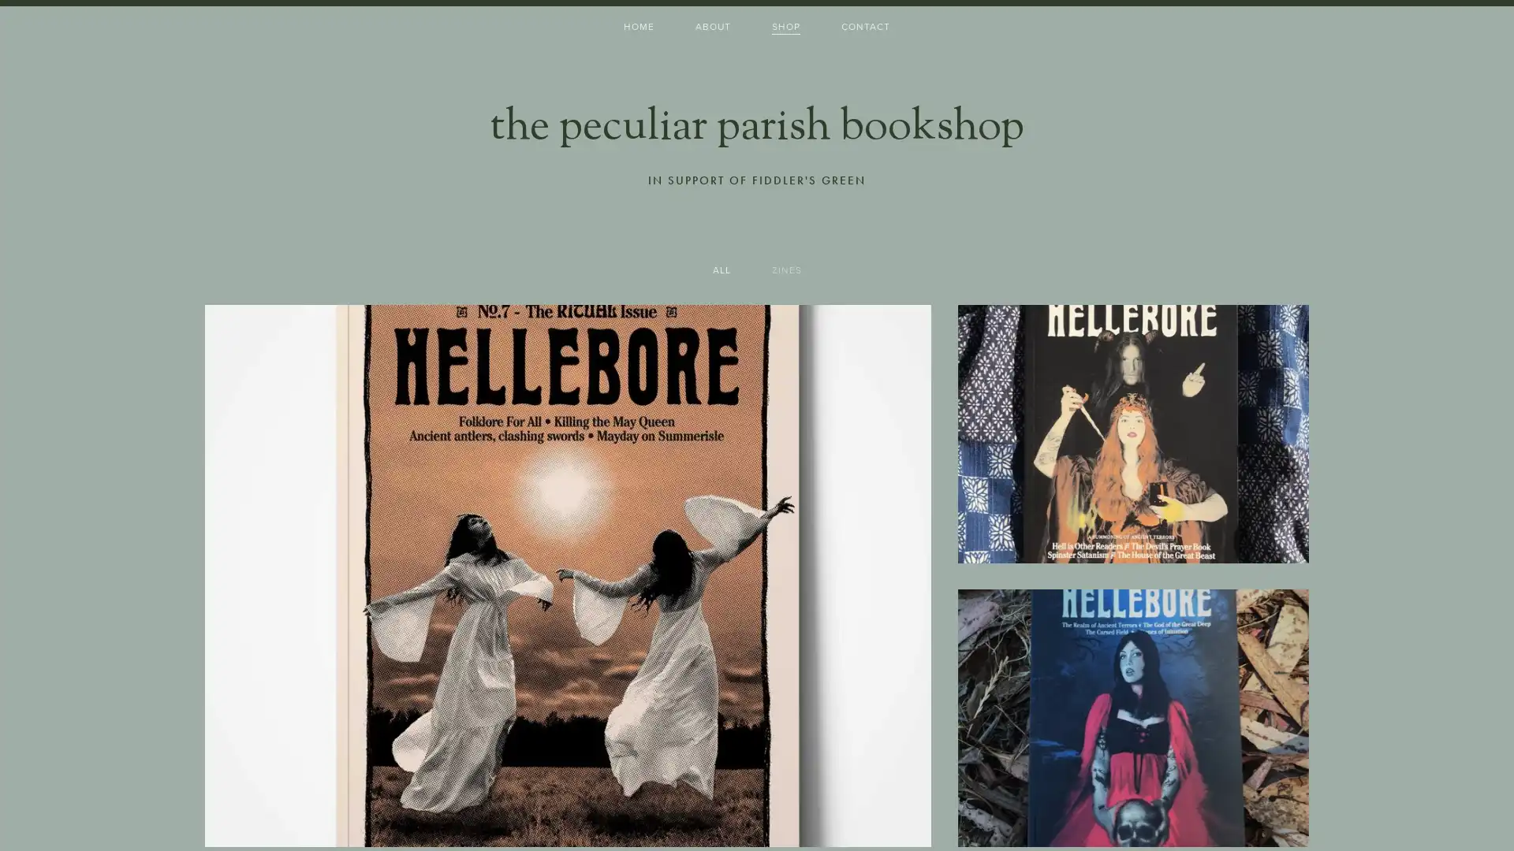 Image resolution: width=1514 pixels, height=851 pixels. Describe the element at coordinates (568, 814) in the screenshot. I see `QUICK VIEW` at that location.